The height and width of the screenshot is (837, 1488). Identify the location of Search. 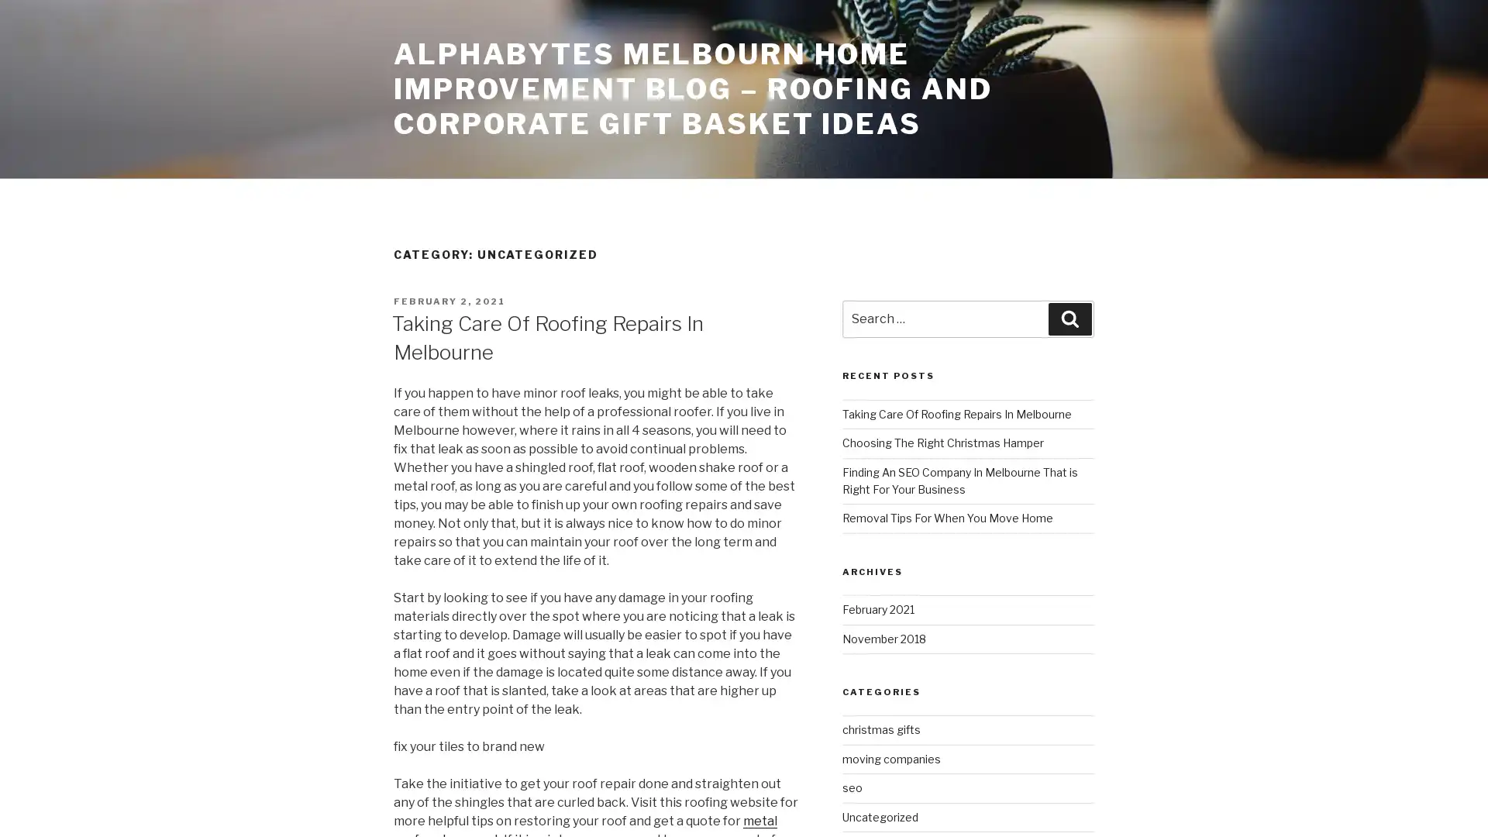
(1069, 319).